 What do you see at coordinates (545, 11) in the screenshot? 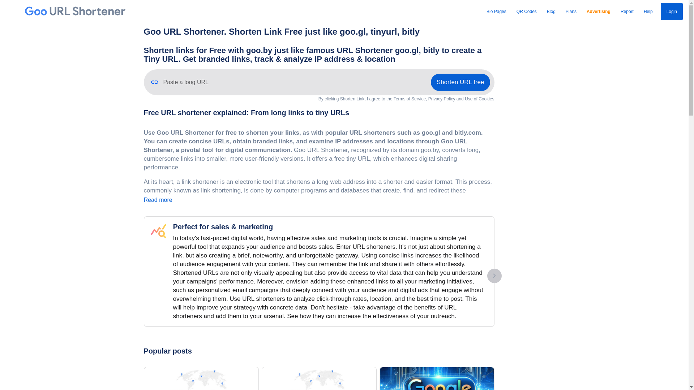
I see `'Blog'` at bounding box center [545, 11].